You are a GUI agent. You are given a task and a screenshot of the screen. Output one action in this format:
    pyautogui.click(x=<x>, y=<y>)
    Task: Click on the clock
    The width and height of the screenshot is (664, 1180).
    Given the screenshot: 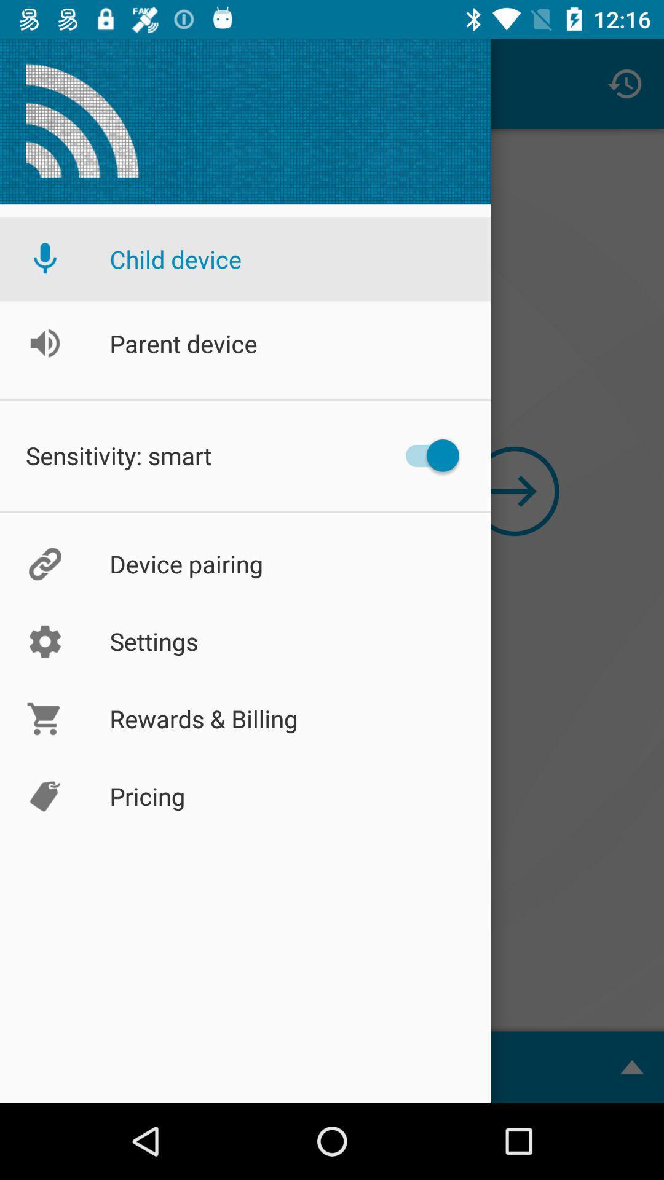 What is the action you would take?
    pyautogui.click(x=625, y=84)
    